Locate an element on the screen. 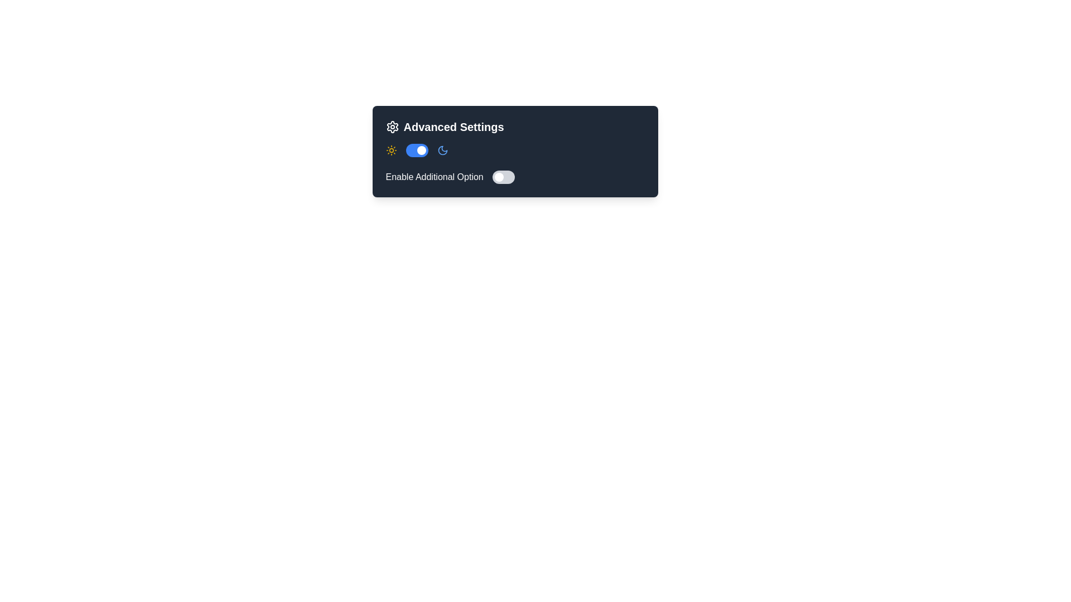 This screenshot has width=1071, height=602. the gear-shaped icon representing settings, located at the top-left corner of the settings panel, preceding the heading 'Advanced Settings' is located at coordinates (392, 126).